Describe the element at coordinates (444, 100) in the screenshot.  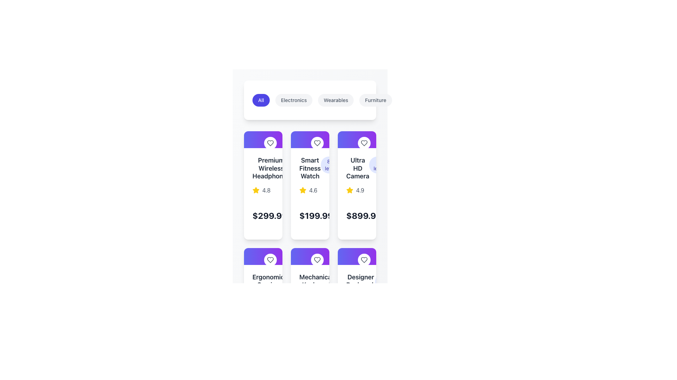
I see `the button positioned at the far right end of the horizontal list of category buttons` at that location.